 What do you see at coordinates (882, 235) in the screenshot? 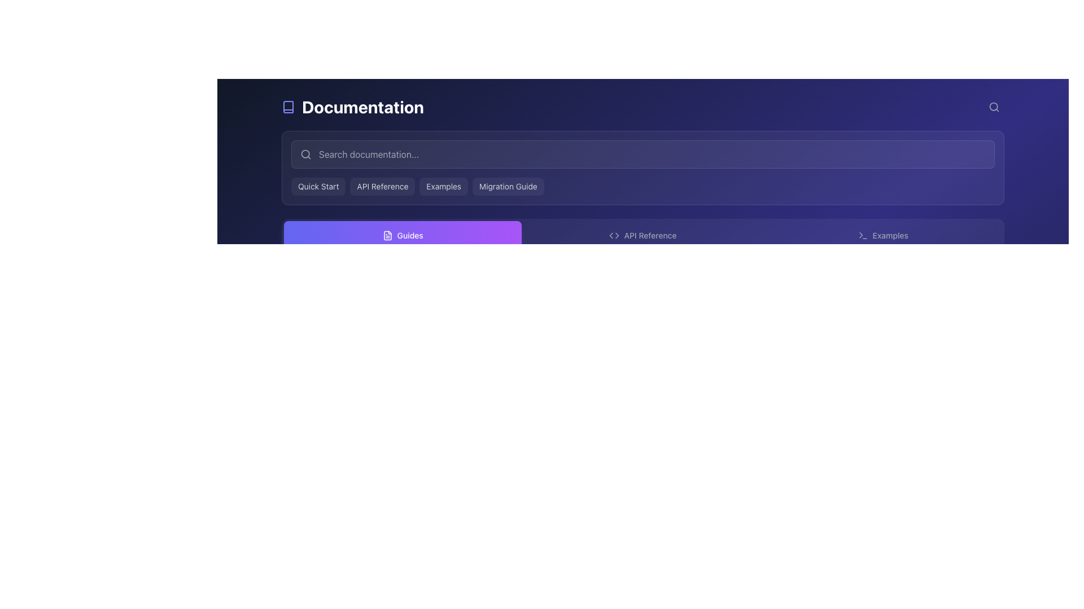
I see `the navigation button on the right side of the button row` at bounding box center [882, 235].